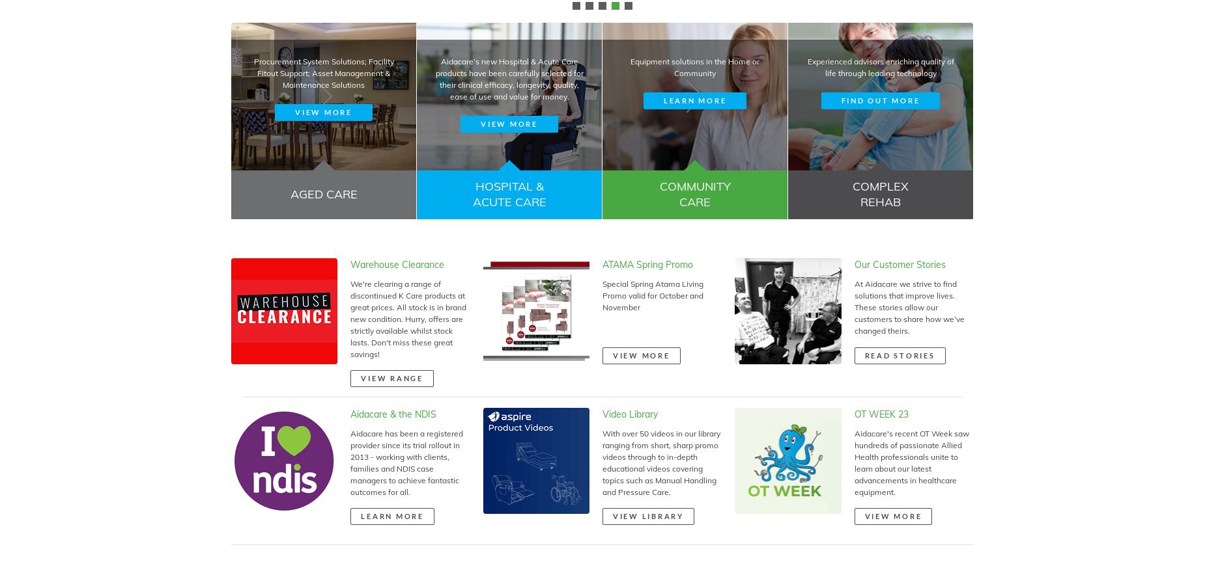 Image resolution: width=1205 pixels, height=562 pixels. I want to click on 'Hospital & Acute Care', so click(509, 194).